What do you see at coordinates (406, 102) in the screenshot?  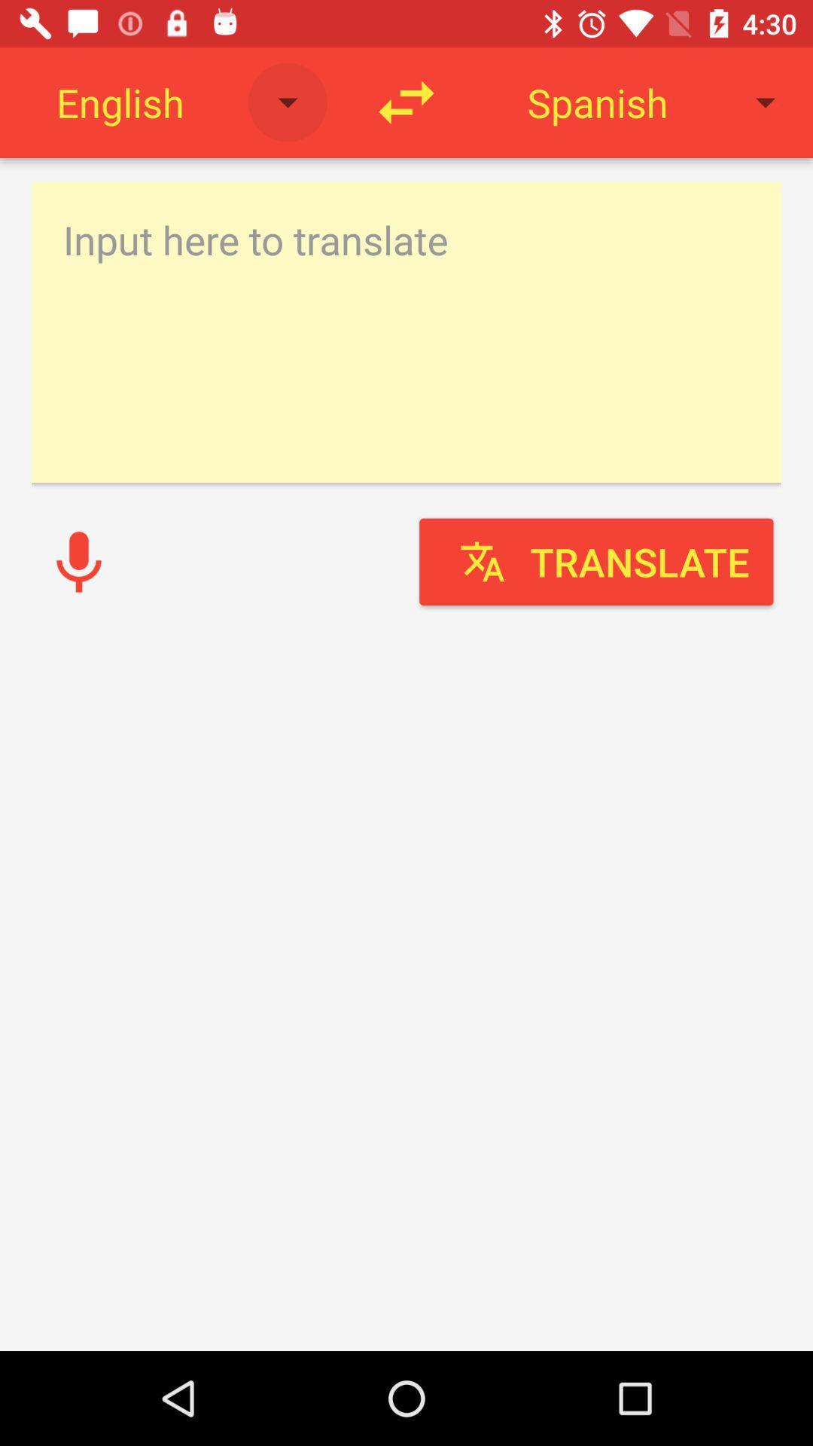 I see `switch languages` at bounding box center [406, 102].